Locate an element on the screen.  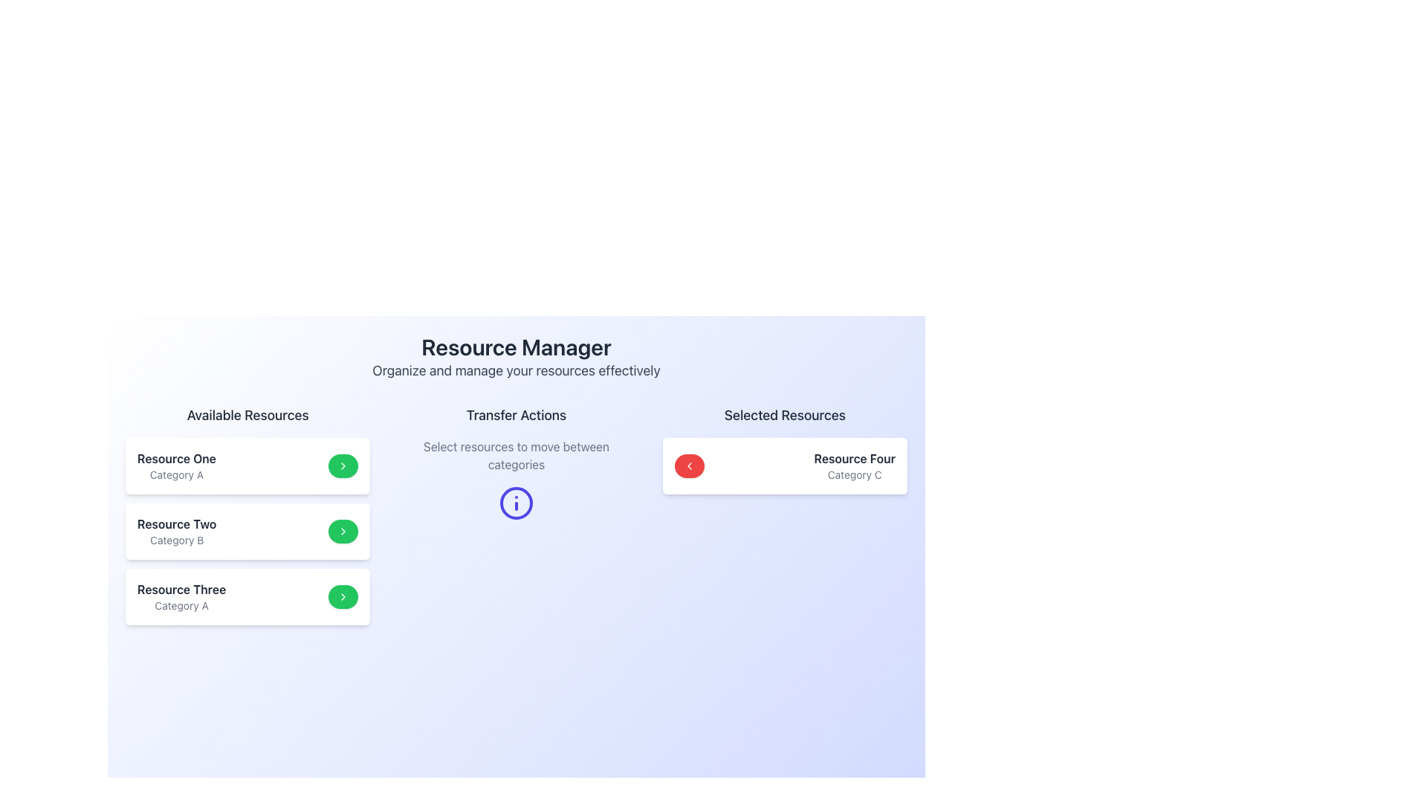
the Text label that serves as a heading for resource management functionality, located at the top of the header section of the interface is located at coordinates (517, 346).